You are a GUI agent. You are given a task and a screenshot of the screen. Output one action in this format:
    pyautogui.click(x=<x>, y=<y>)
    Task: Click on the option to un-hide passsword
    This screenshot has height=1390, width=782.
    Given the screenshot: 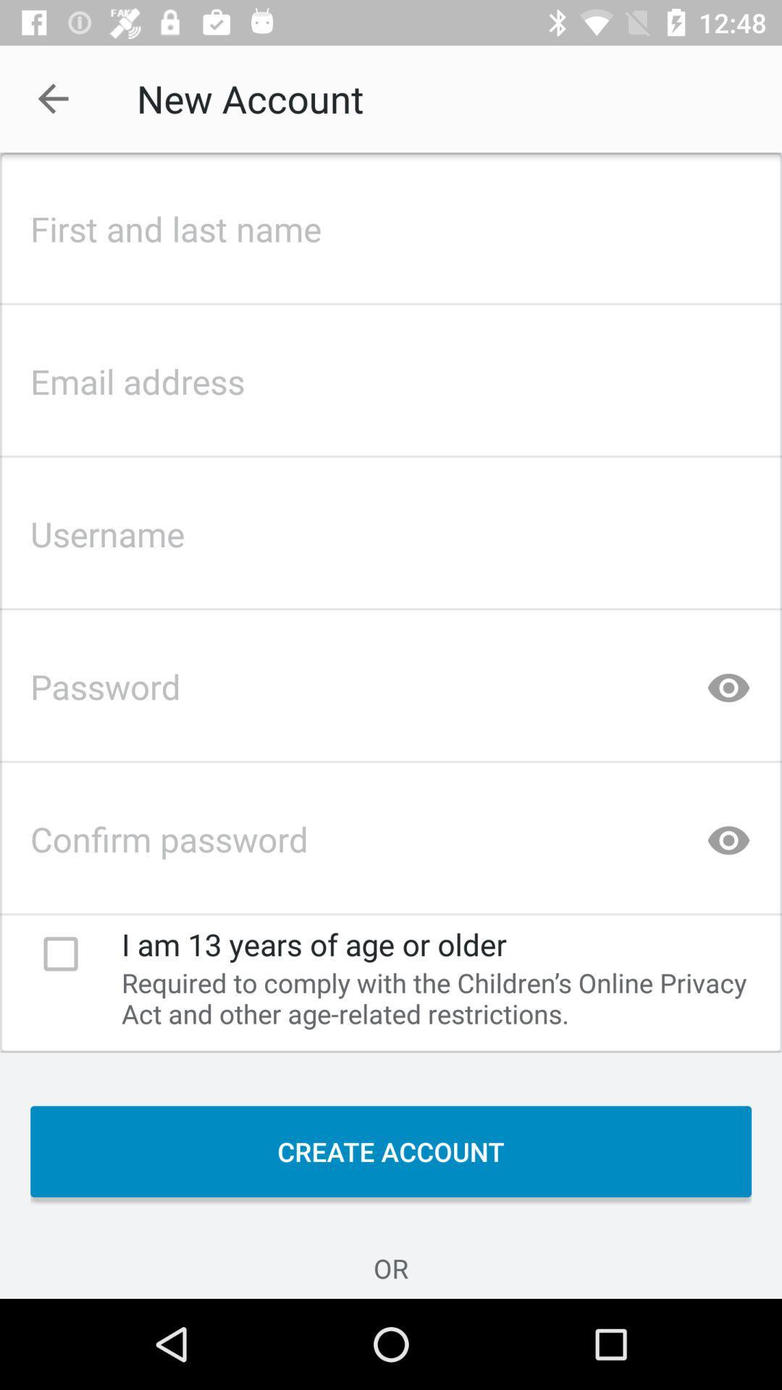 What is the action you would take?
    pyautogui.click(x=728, y=681)
    